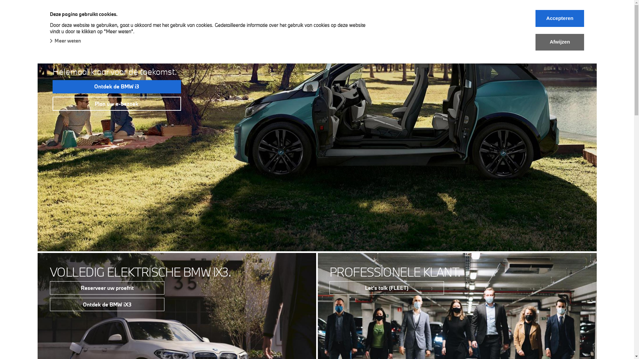 This screenshot has height=359, width=639. I want to click on 'Reserveer uw proefrit', so click(107, 288).